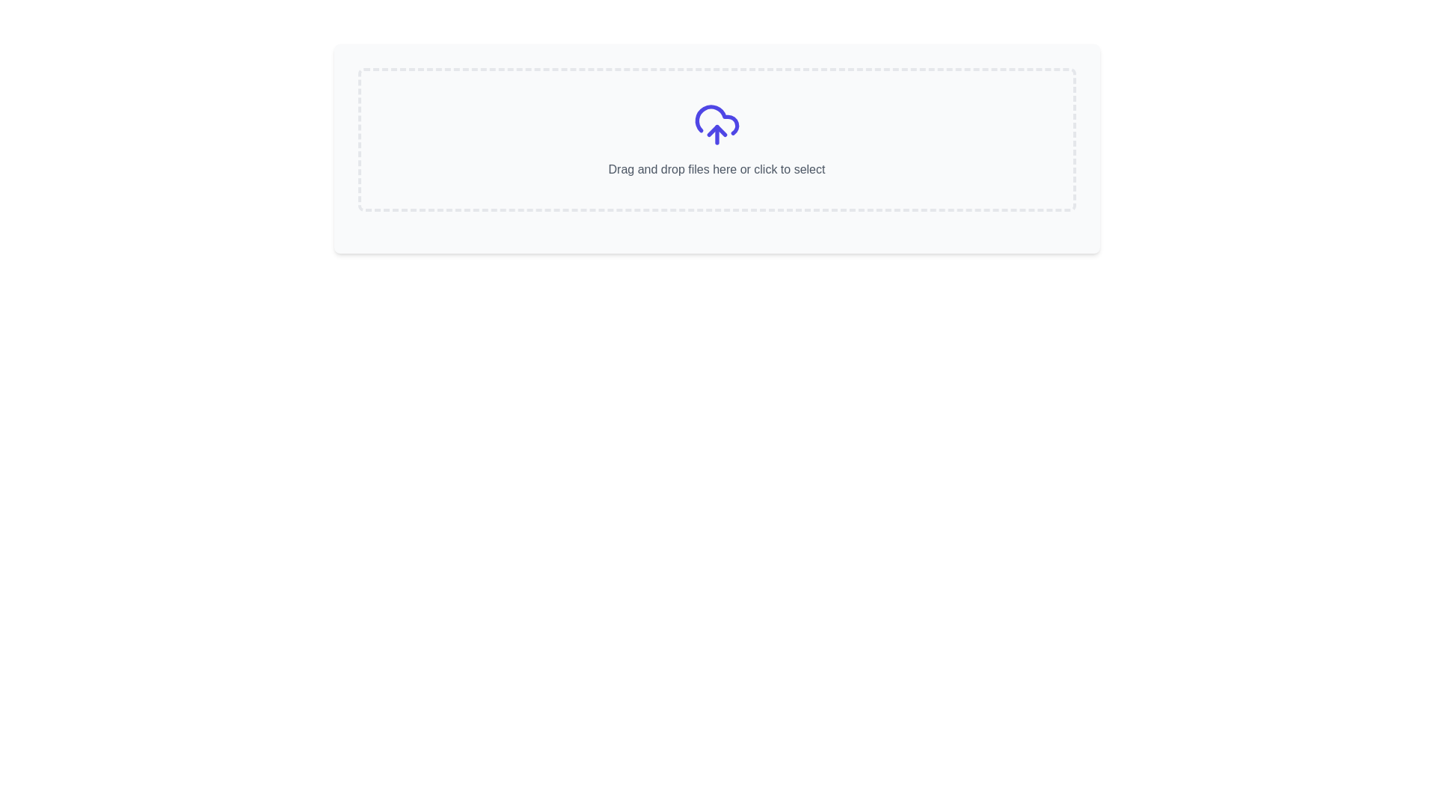 This screenshot has width=1436, height=808. What do you see at coordinates (716, 139) in the screenshot?
I see `the file upload area by clicking on the central text or icon to receive feedback about the upload process` at bounding box center [716, 139].